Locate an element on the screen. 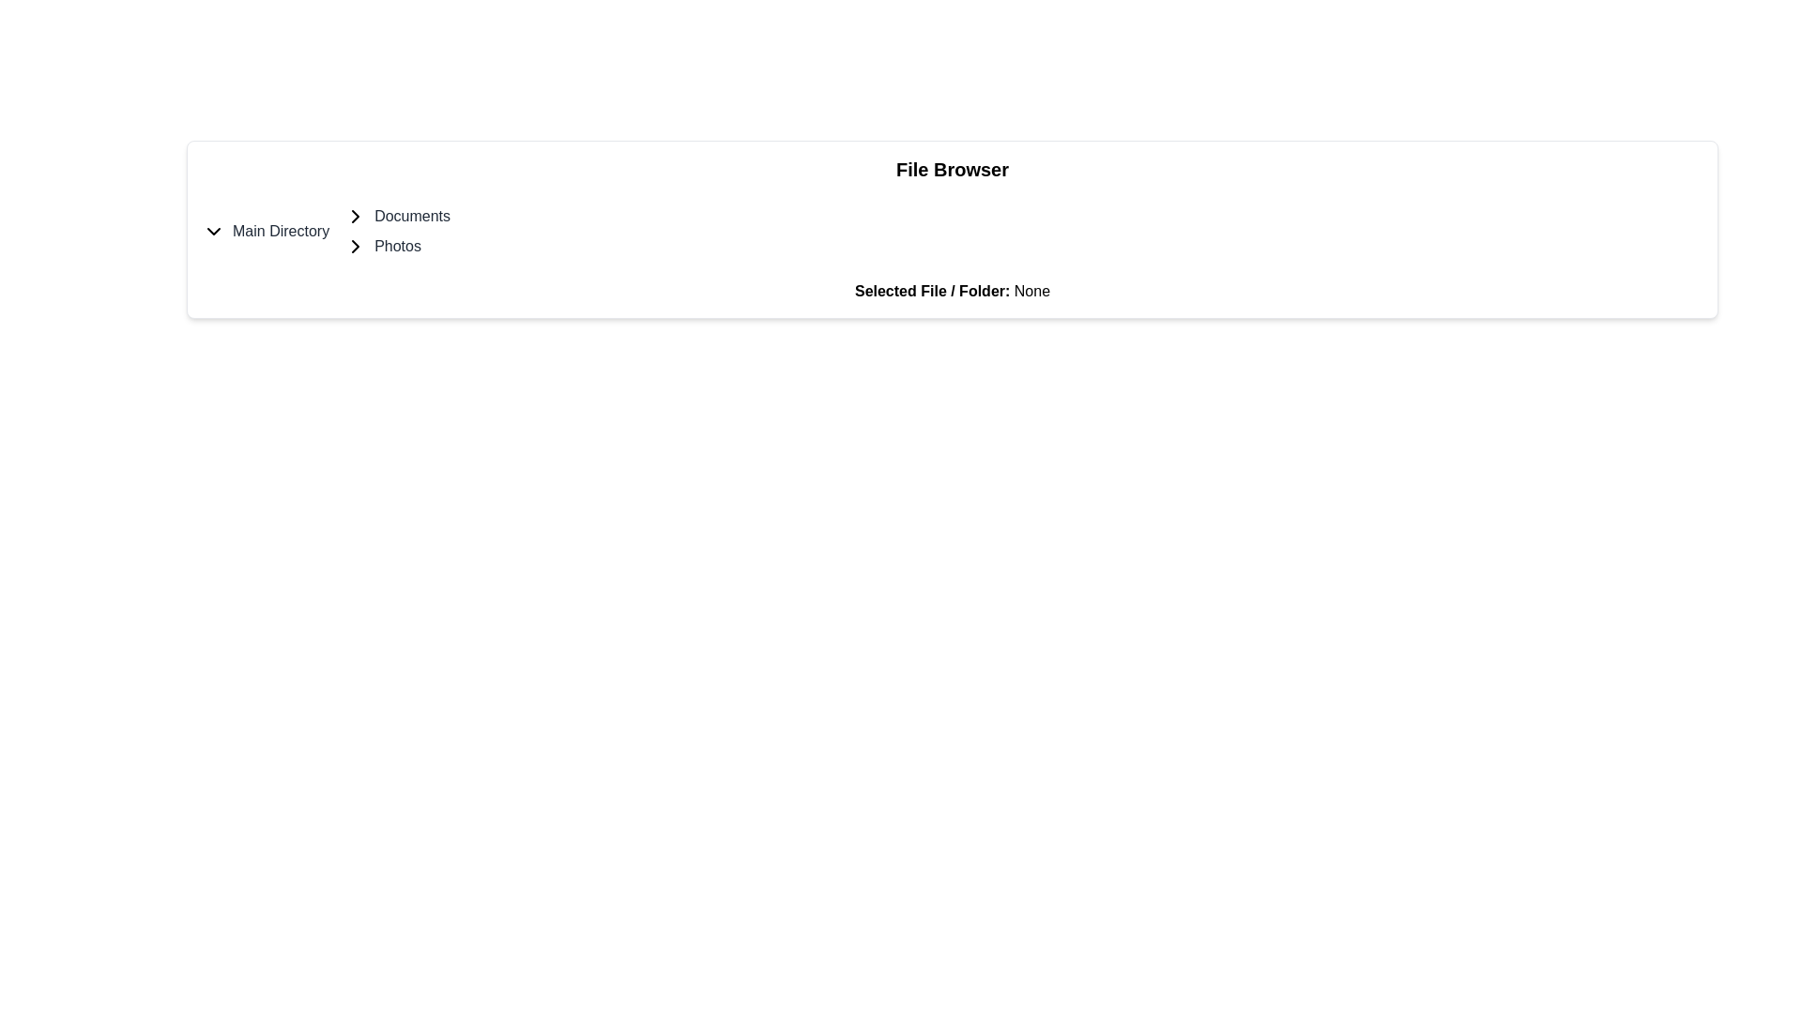 Image resolution: width=1802 pixels, height=1013 pixels. the chevron icon representing navigation for expanding or collapsing sub-items under the 'Documents' list item is located at coordinates (356, 216).